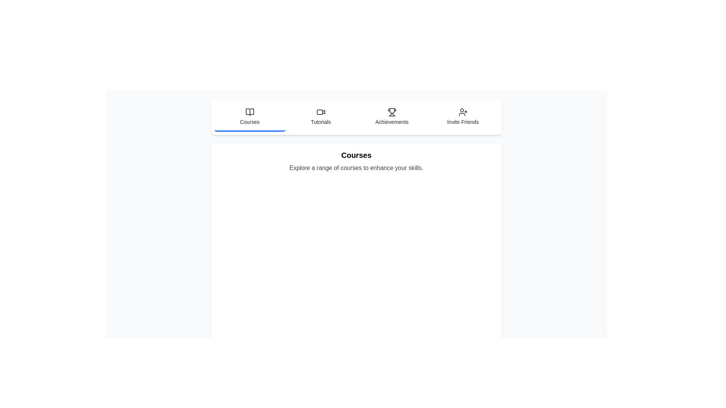 This screenshot has height=408, width=726. What do you see at coordinates (462, 122) in the screenshot?
I see `the text label that serves as the title for the 'Invite Friends' button located in the horizontal navigation section at the top of the page` at bounding box center [462, 122].